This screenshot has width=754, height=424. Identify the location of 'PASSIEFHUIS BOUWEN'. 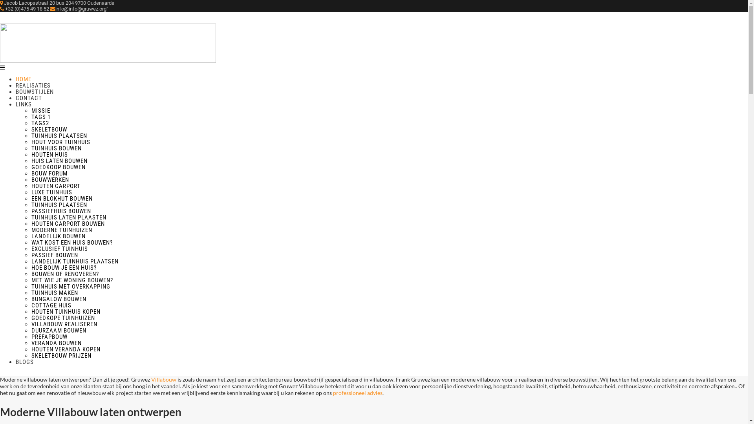
(61, 210).